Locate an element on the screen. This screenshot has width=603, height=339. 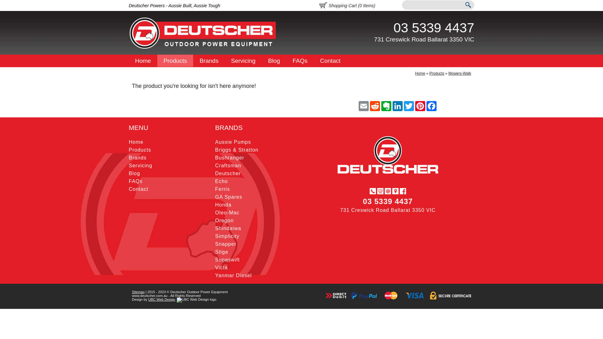
'Blog' is located at coordinates (274, 61).